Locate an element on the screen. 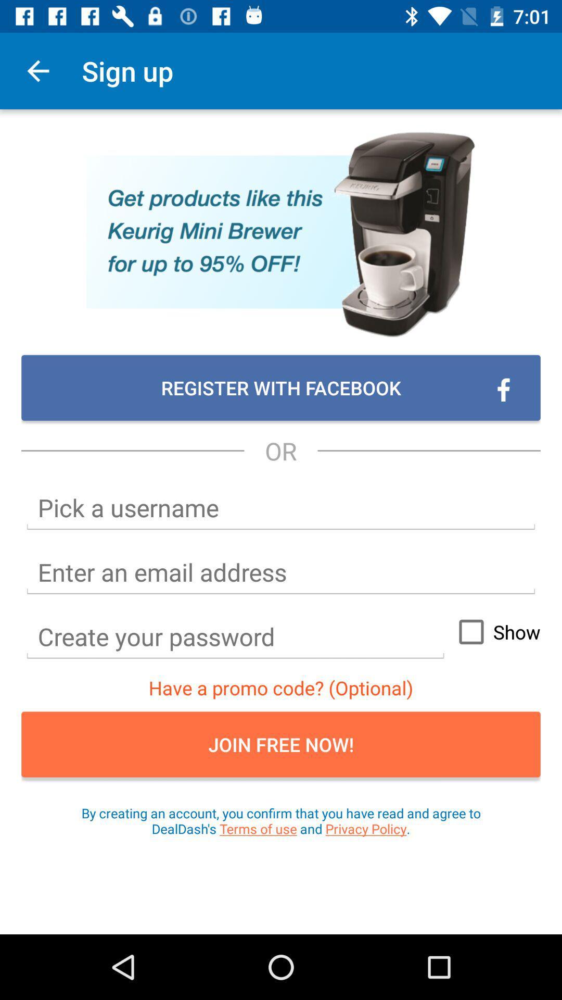 The width and height of the screenshot is (562, 1000). text box is located at coordinates (281, 572).